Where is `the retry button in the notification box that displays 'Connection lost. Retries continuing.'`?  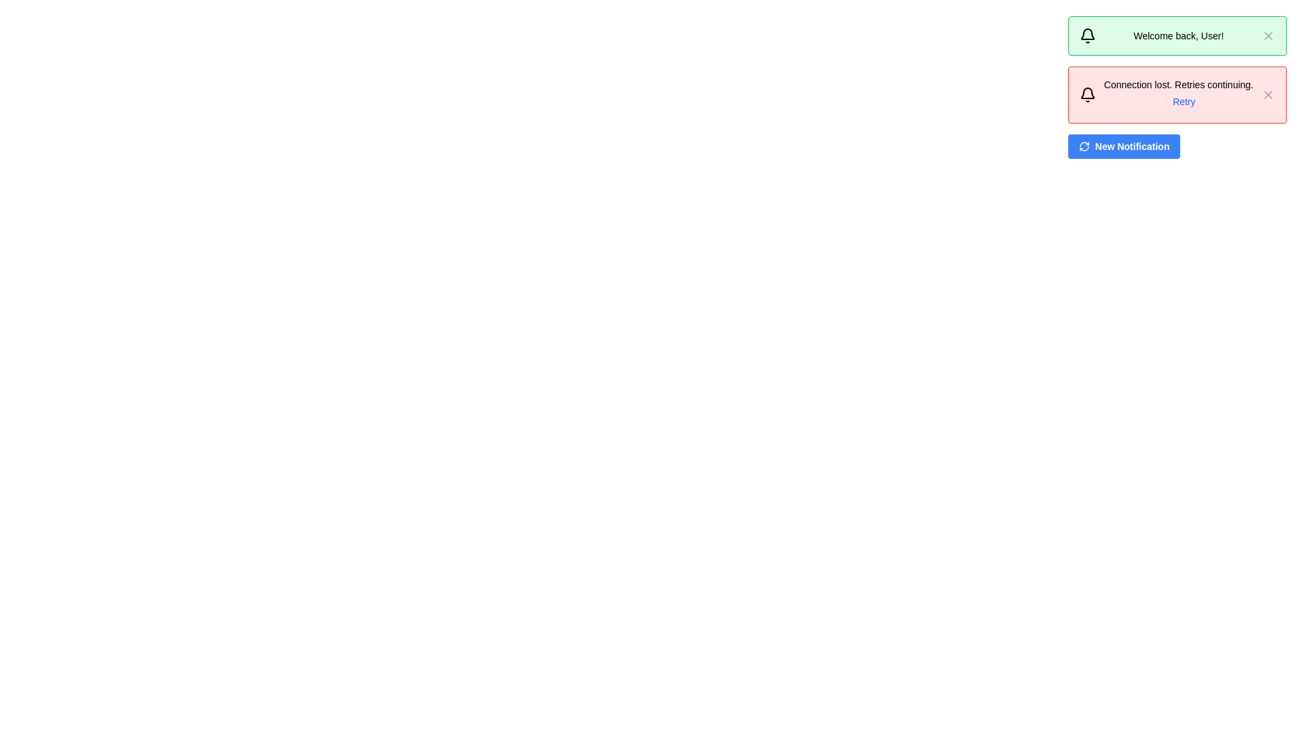 the retry button in the notification box that displays 'Connection lost. Retries continuing.' is located at coordinates (1183, 101).